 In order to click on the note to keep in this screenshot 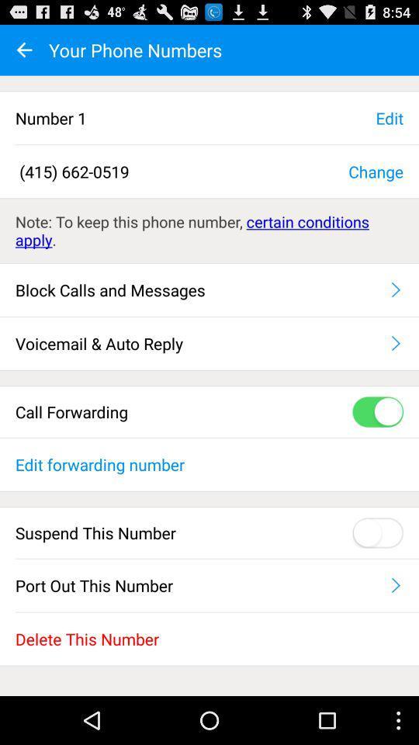, I will do `click(209, 230)`.